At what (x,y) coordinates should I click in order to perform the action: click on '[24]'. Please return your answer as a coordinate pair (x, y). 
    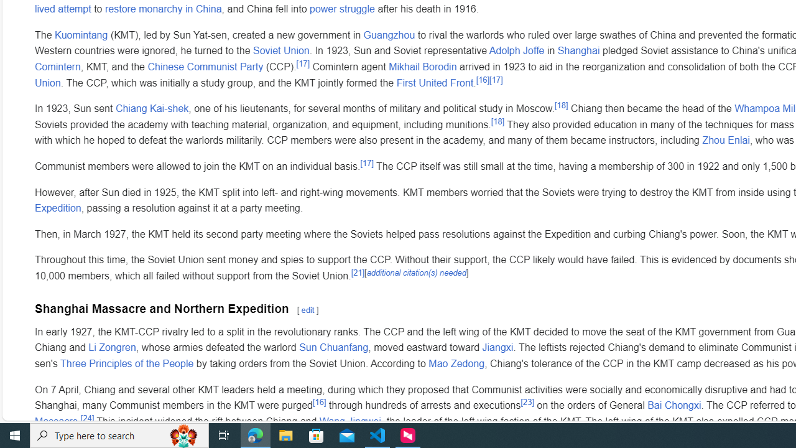
    Looking at the image, I should click on (86, 418).